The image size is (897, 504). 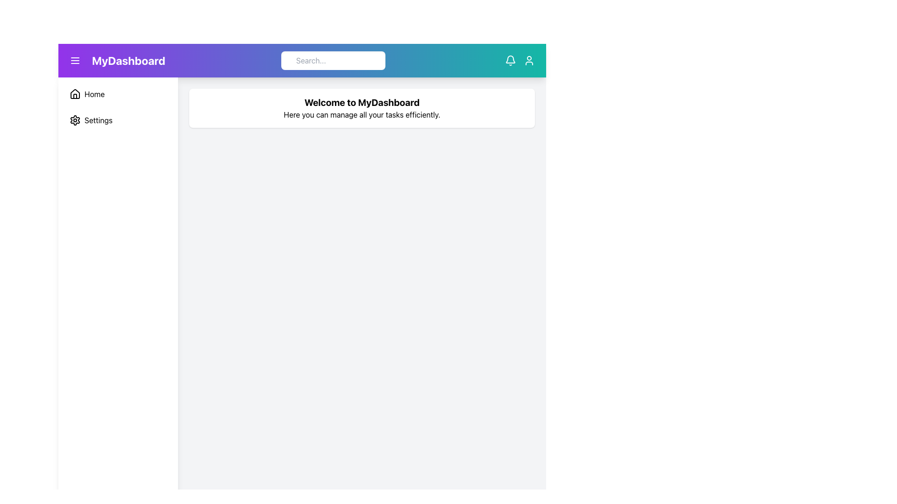 I want to click on the gear-shaped settings icon located in the vertical menu on the left side of the interface, so click(x=75, y=120).